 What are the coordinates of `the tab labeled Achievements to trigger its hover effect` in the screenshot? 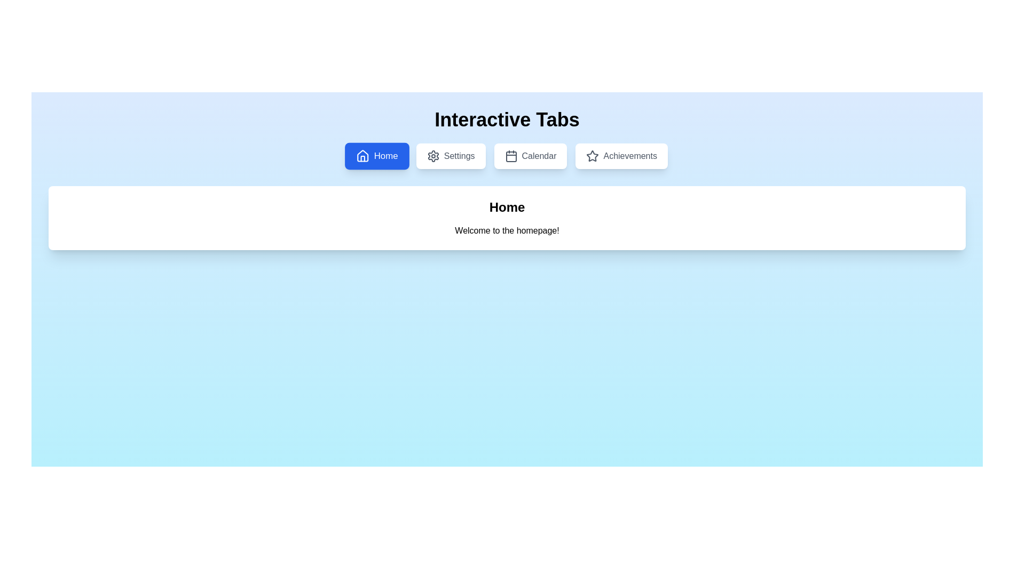 It's located at (621, 156).